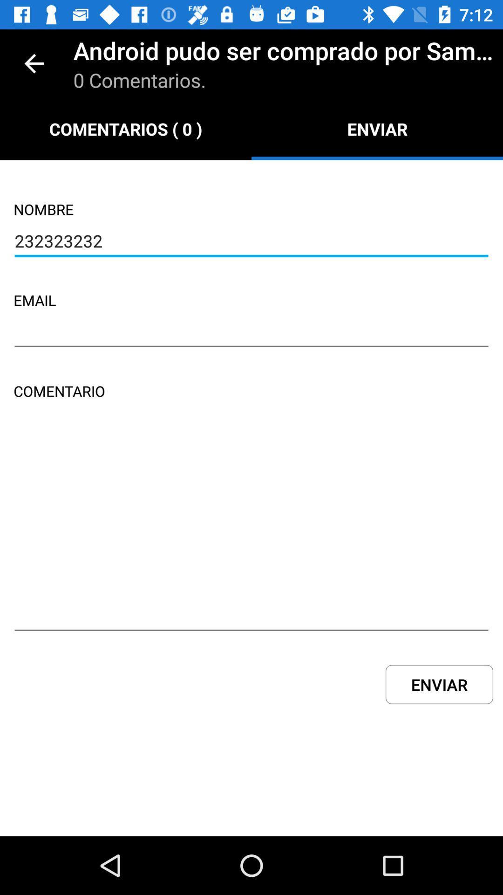 The width and height of the screenshot is (503, 895). I want to click on the icon above the enviar, so click(251, 530).